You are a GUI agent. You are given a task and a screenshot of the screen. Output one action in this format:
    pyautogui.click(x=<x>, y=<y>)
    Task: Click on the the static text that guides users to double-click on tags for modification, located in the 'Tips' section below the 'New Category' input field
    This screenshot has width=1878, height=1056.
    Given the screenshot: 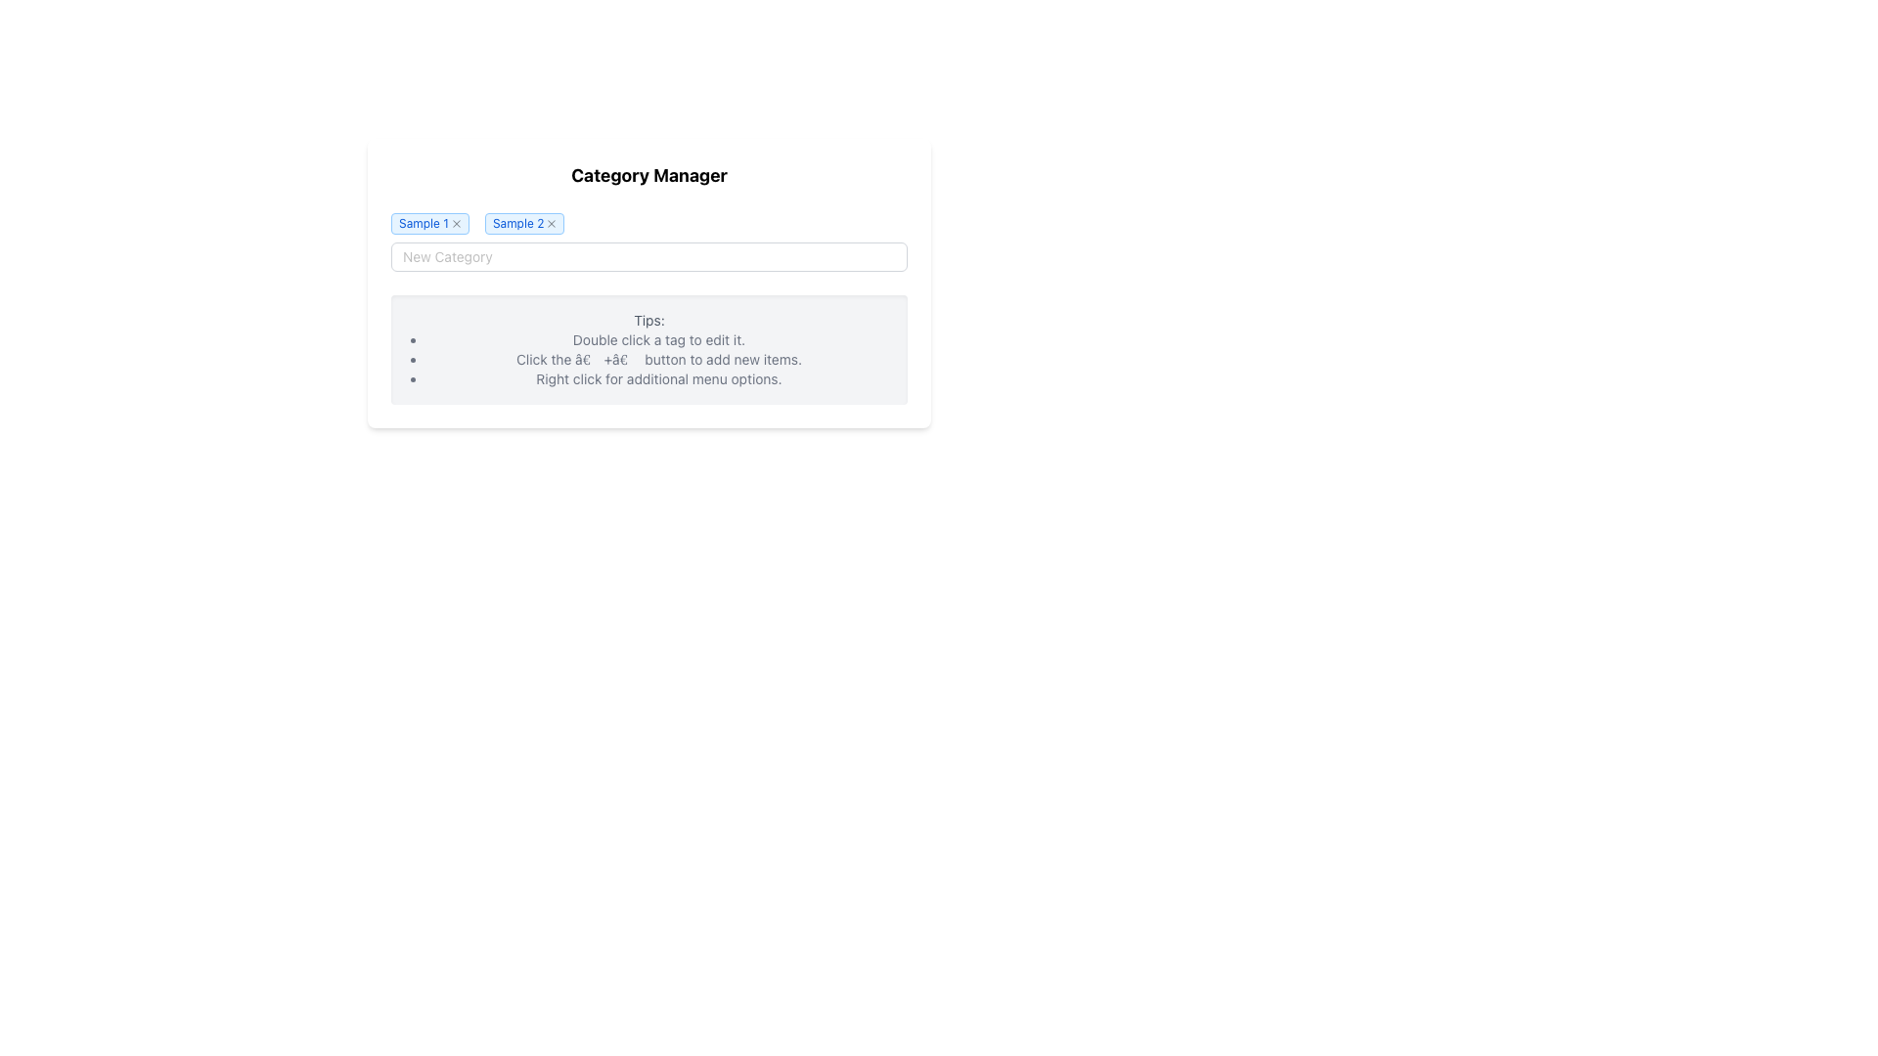 What is the action you would take?
    pyautogui.click(x=658, y=338)
    